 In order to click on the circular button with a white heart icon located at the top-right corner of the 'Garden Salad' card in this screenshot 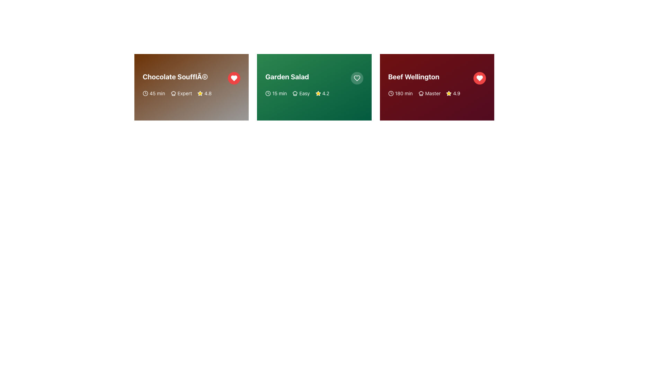, I will do `click(357, 78)`.